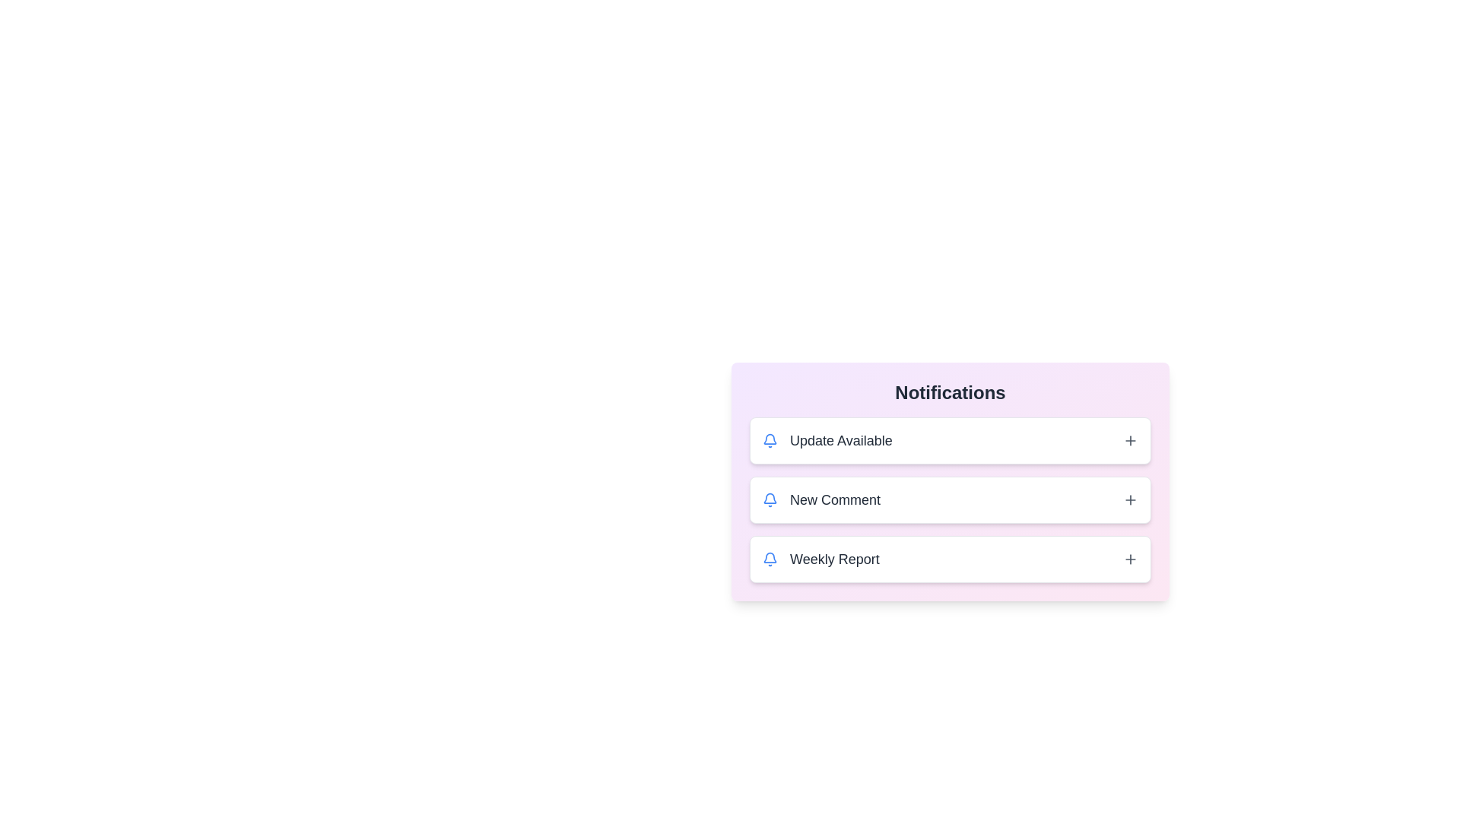 This screenshot has height=821, width=1460. Describe the element at coordinates (949, 559) in the screenshot. I see `the notification titled 'Weekly Report'` at that location.